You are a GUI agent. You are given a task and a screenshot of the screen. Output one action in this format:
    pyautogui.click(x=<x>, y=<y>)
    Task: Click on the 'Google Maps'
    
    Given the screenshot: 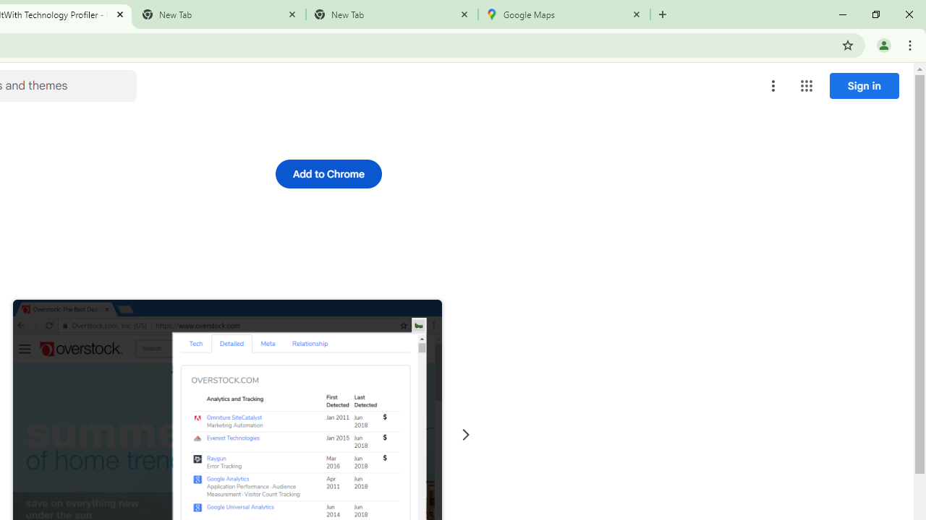 What is the action you would take?
    pyautogui.click(x=563, y=14)
    